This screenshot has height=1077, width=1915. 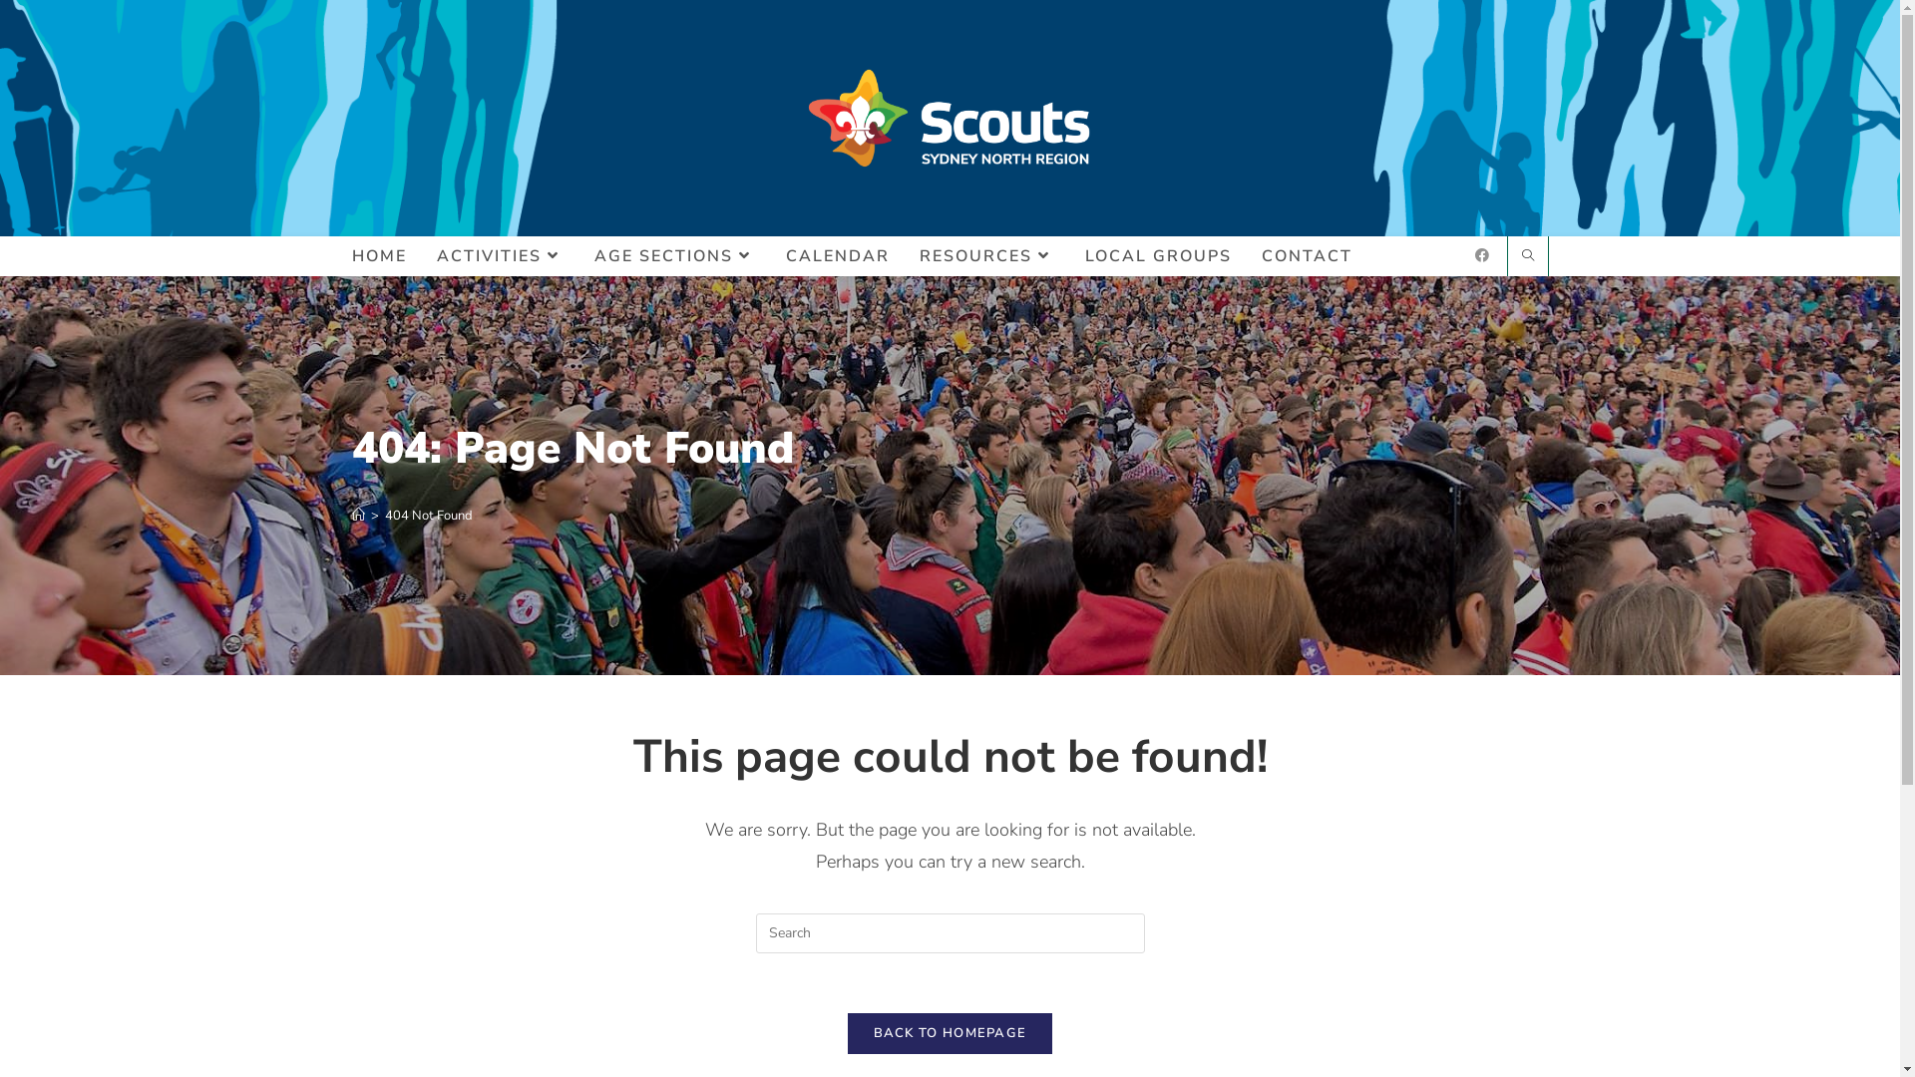 I want to click on 'RESOURCES', so click(x=985, y=255).